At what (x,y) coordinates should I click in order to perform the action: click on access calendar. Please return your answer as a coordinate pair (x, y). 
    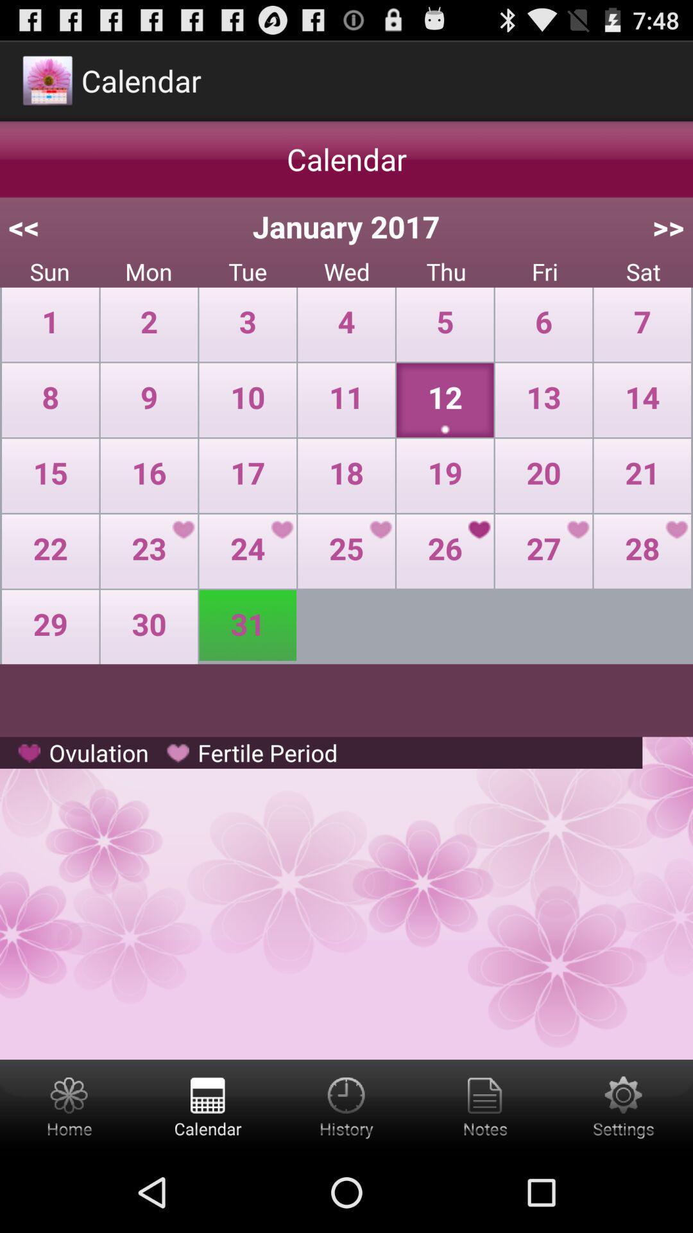
    Looking at the image, I should click on (207, 1105).